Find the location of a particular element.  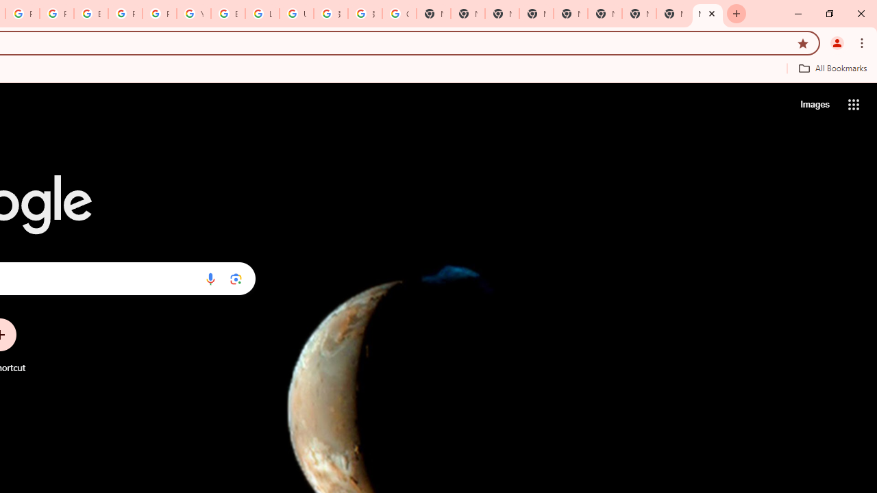

'New Tab' is located at coordinates (736, 14).